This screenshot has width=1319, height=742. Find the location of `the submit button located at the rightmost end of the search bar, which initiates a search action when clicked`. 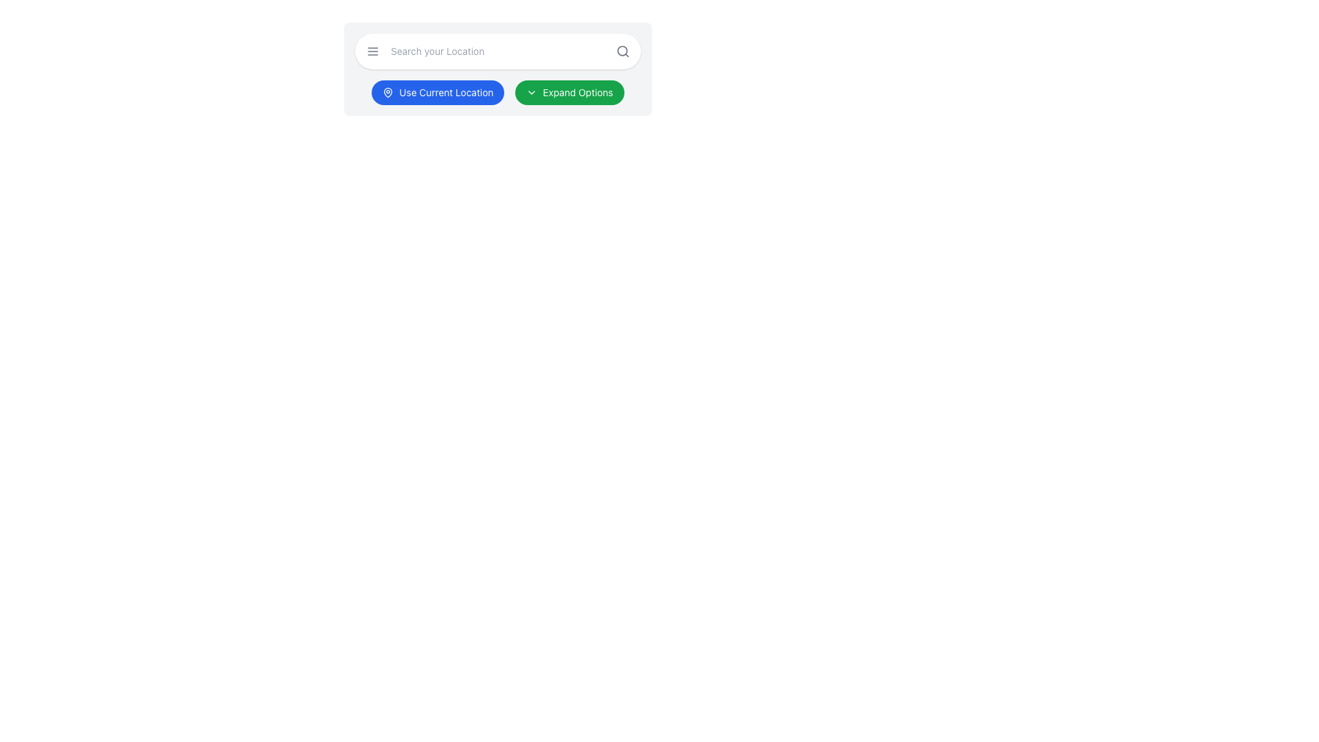

the submit button located at the rightmost end of the search bar, which initiates a search action when clicked is located at coordinates (622, 50).